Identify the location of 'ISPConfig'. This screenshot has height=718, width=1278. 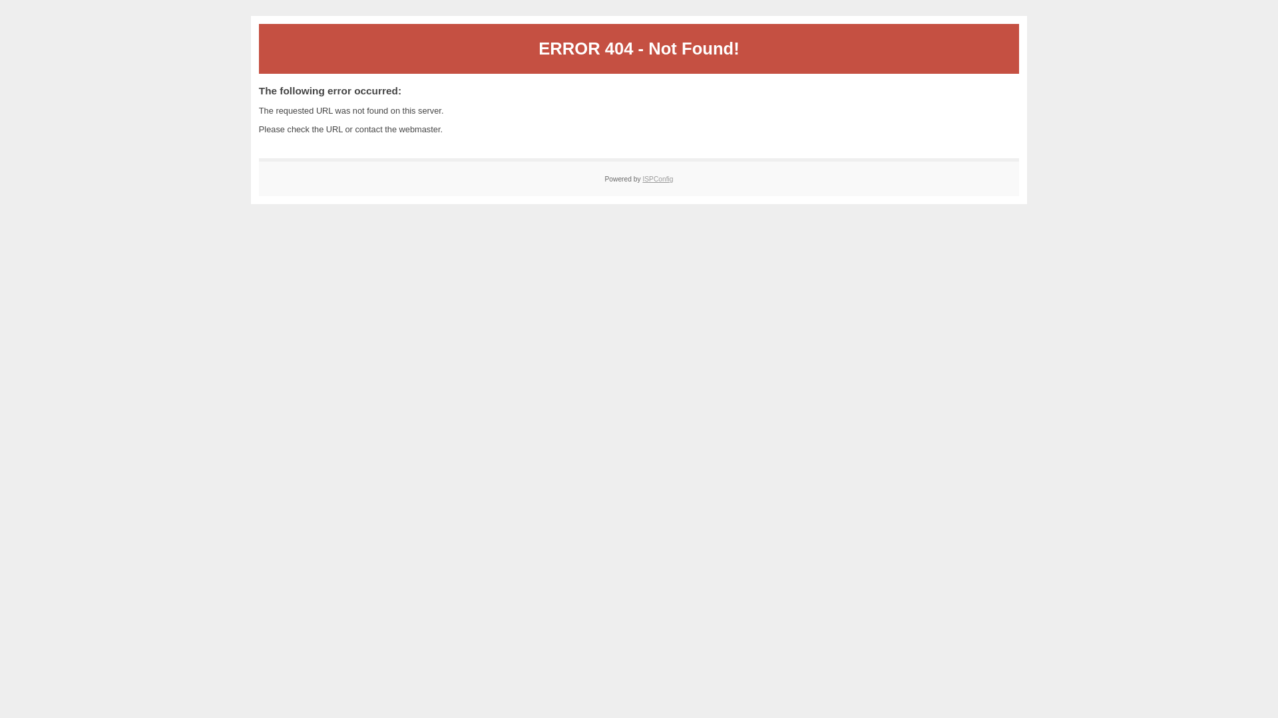
(658, 178).